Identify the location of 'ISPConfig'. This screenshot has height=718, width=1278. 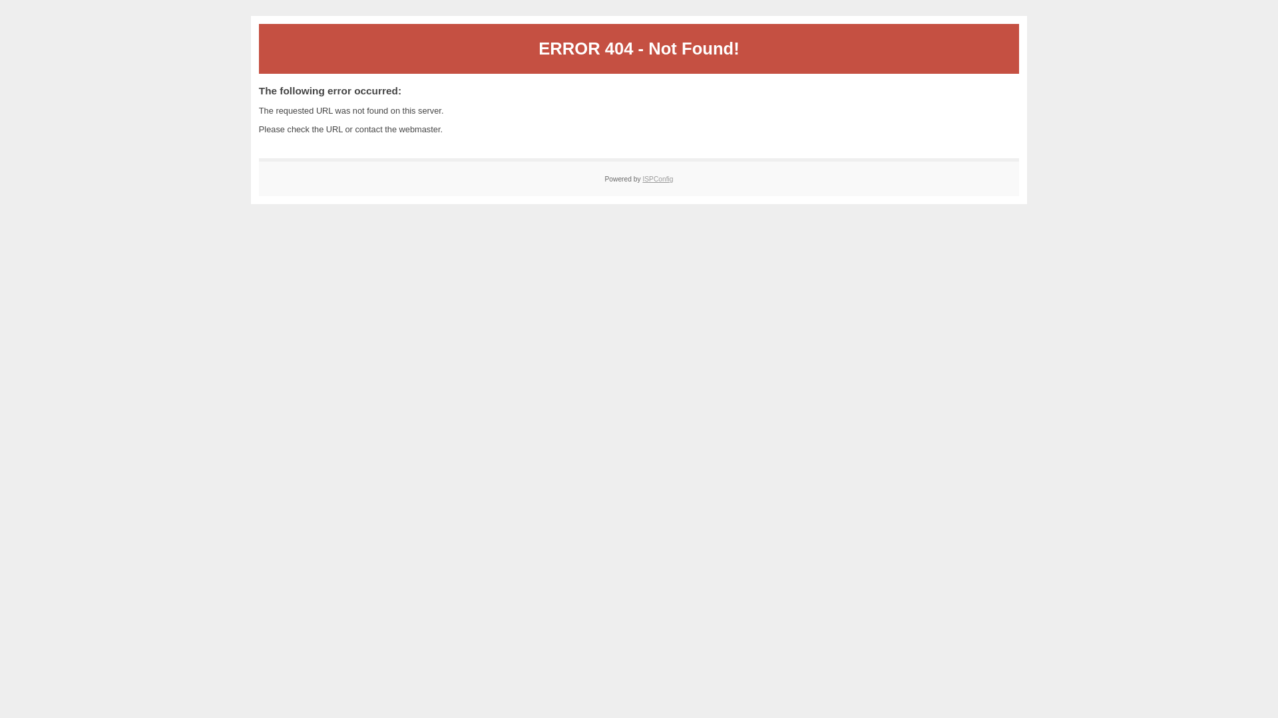
(658, 178).